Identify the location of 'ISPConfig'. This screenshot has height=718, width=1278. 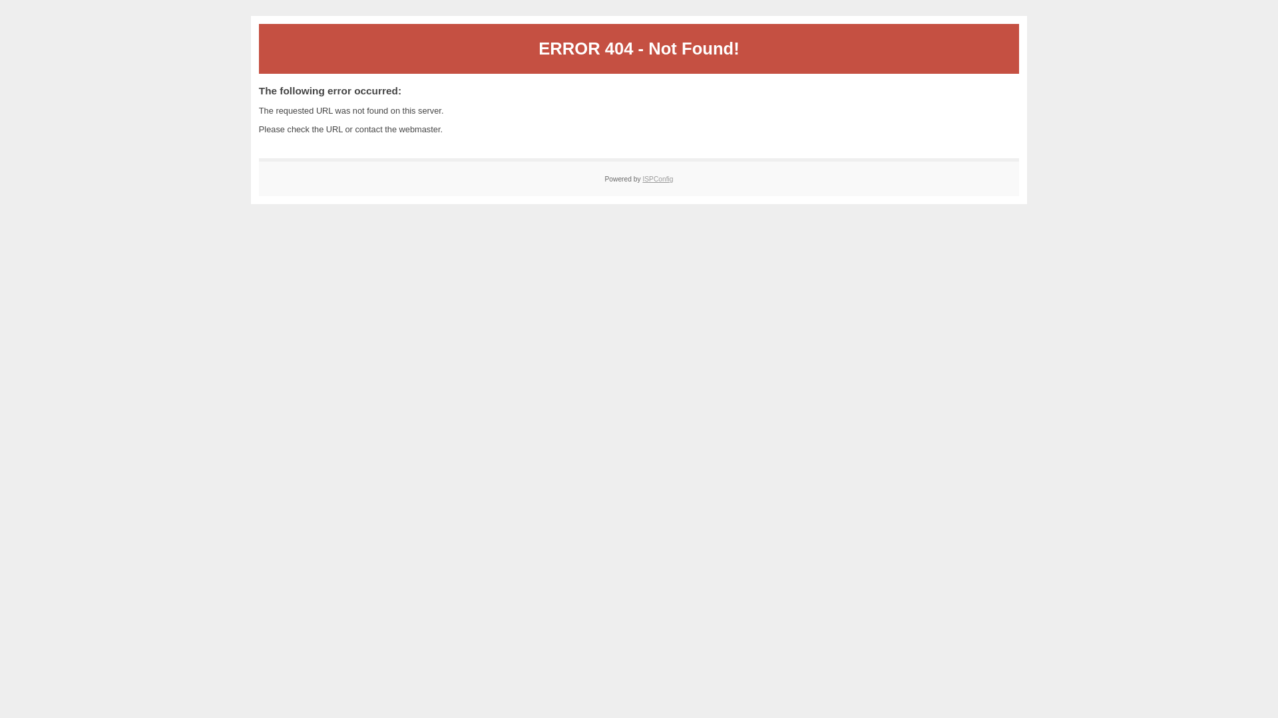
(658, 178).